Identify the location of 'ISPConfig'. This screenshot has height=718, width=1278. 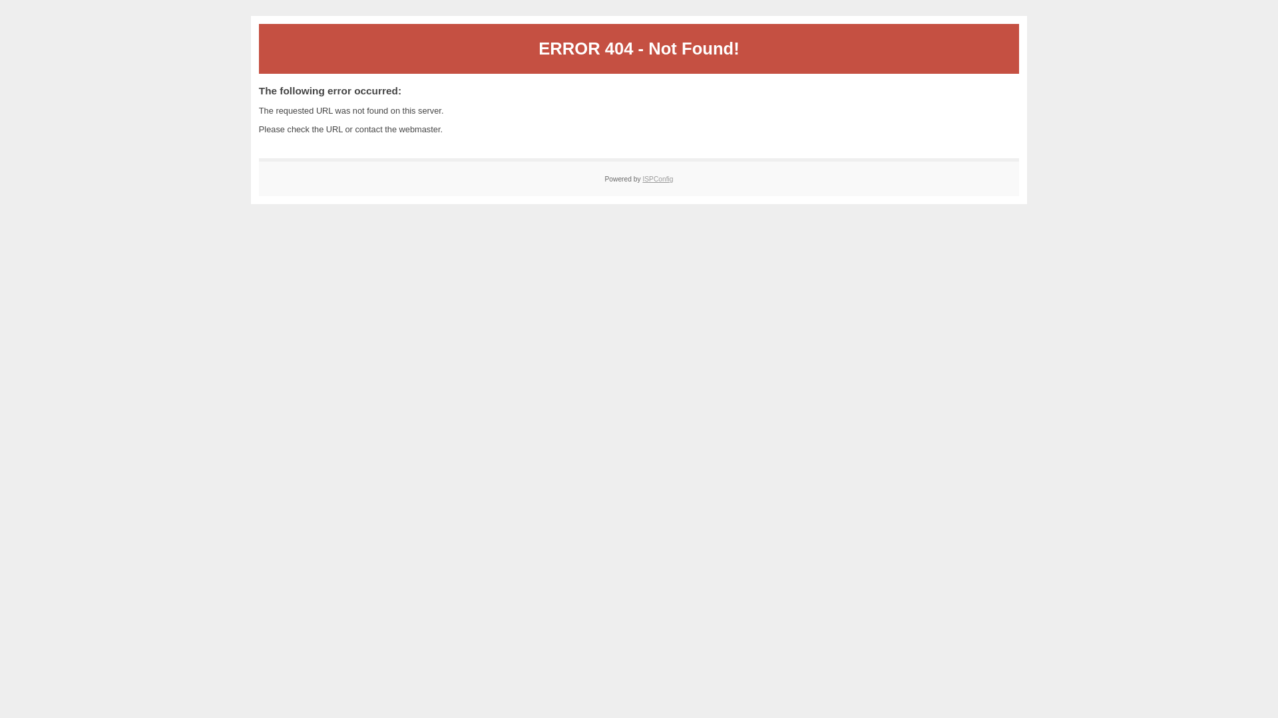
(658, 178).